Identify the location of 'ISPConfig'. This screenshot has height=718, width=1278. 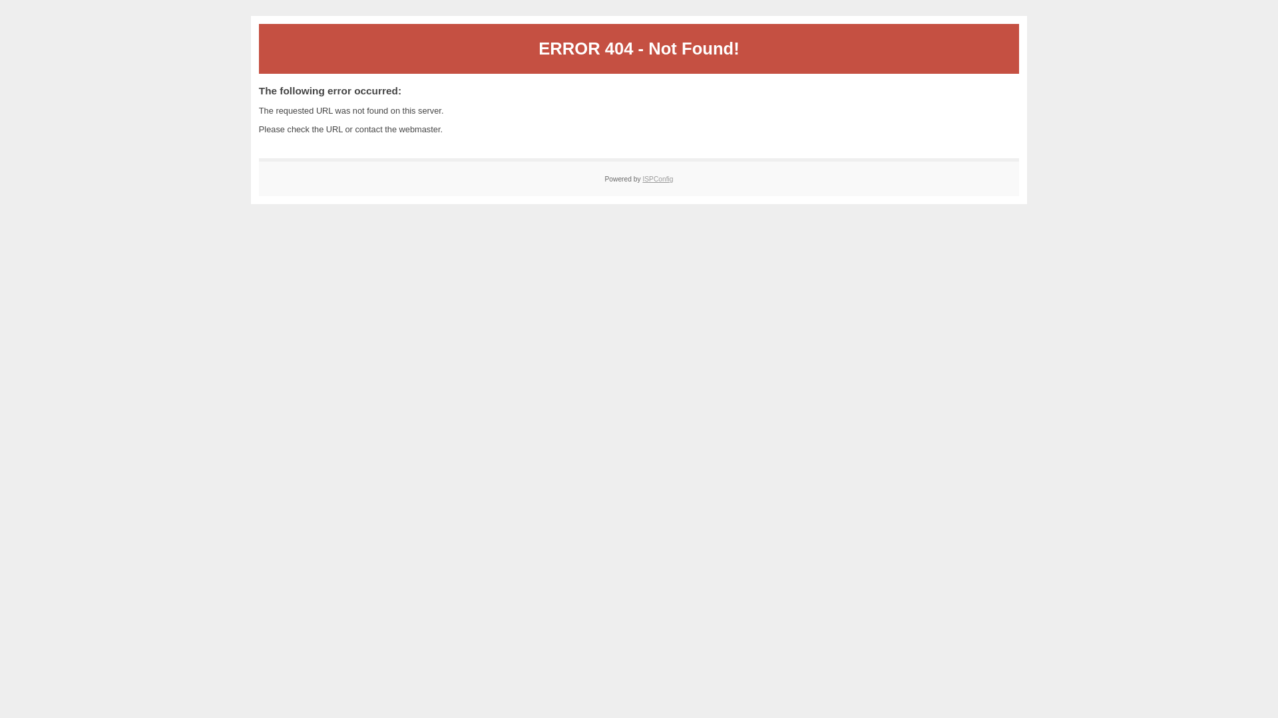
(658, 178).